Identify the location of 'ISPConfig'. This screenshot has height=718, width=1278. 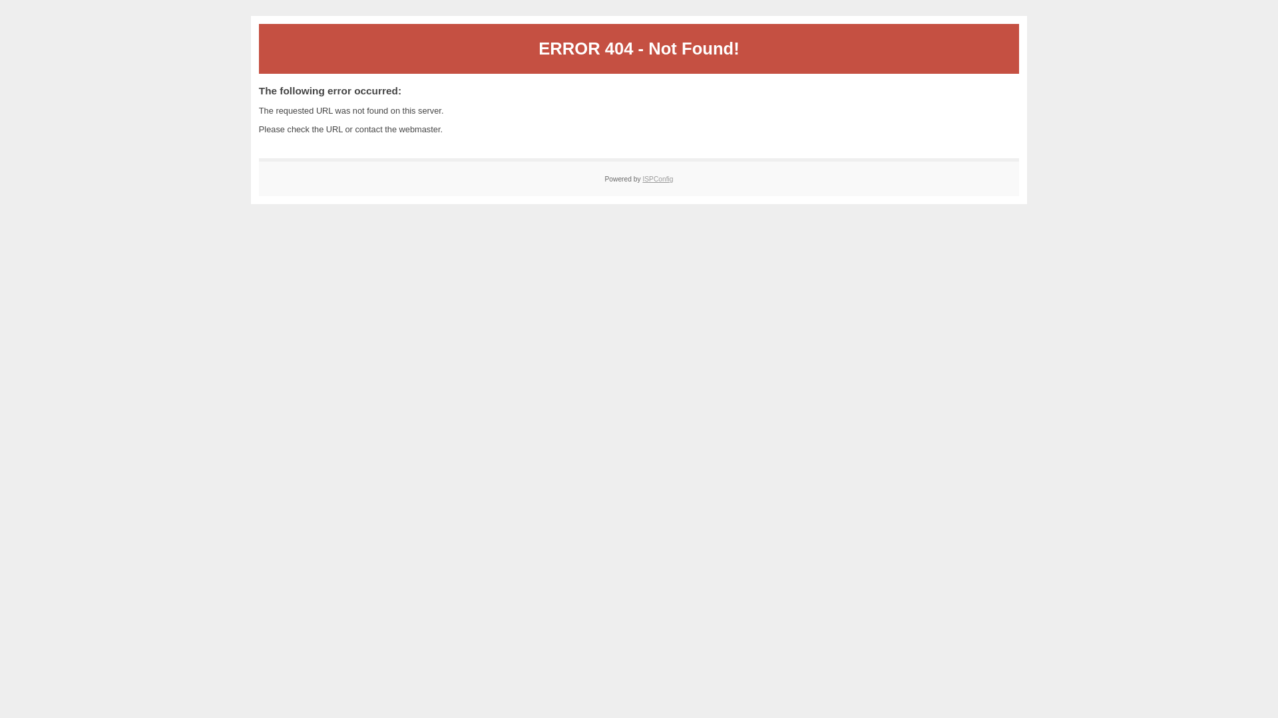
(658, 178).